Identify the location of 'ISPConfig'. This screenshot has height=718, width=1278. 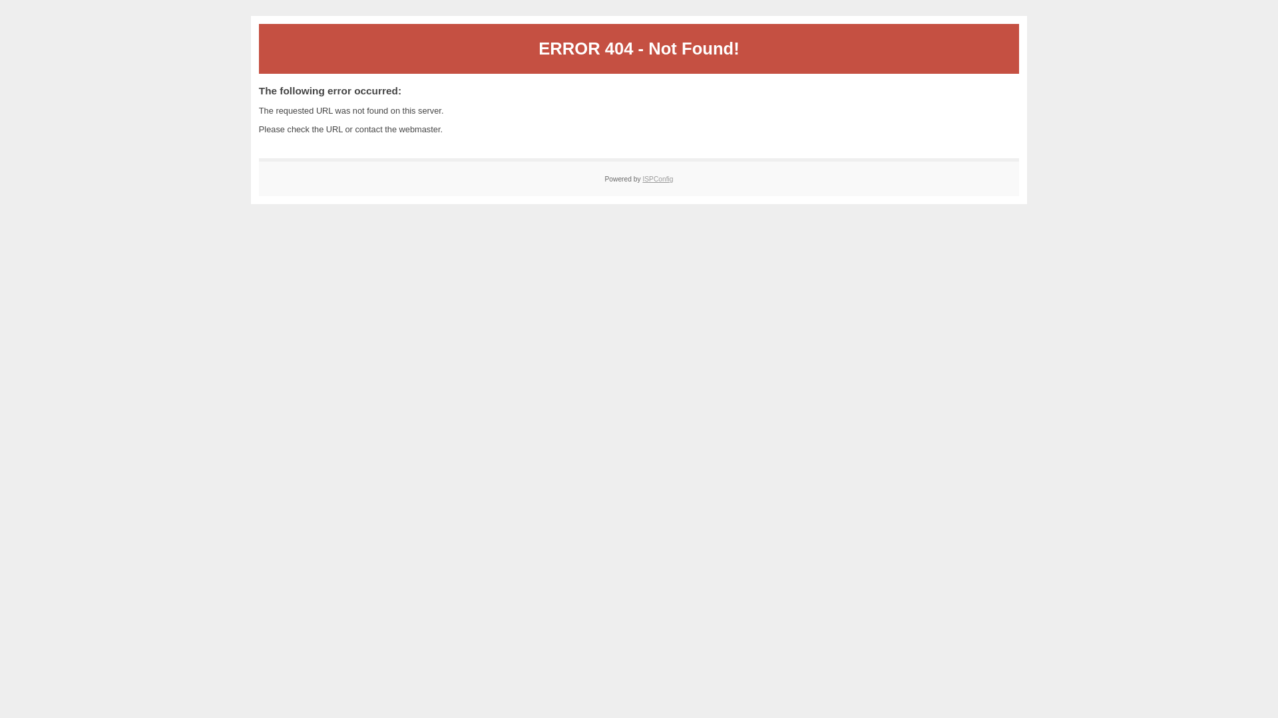
(658, 178).